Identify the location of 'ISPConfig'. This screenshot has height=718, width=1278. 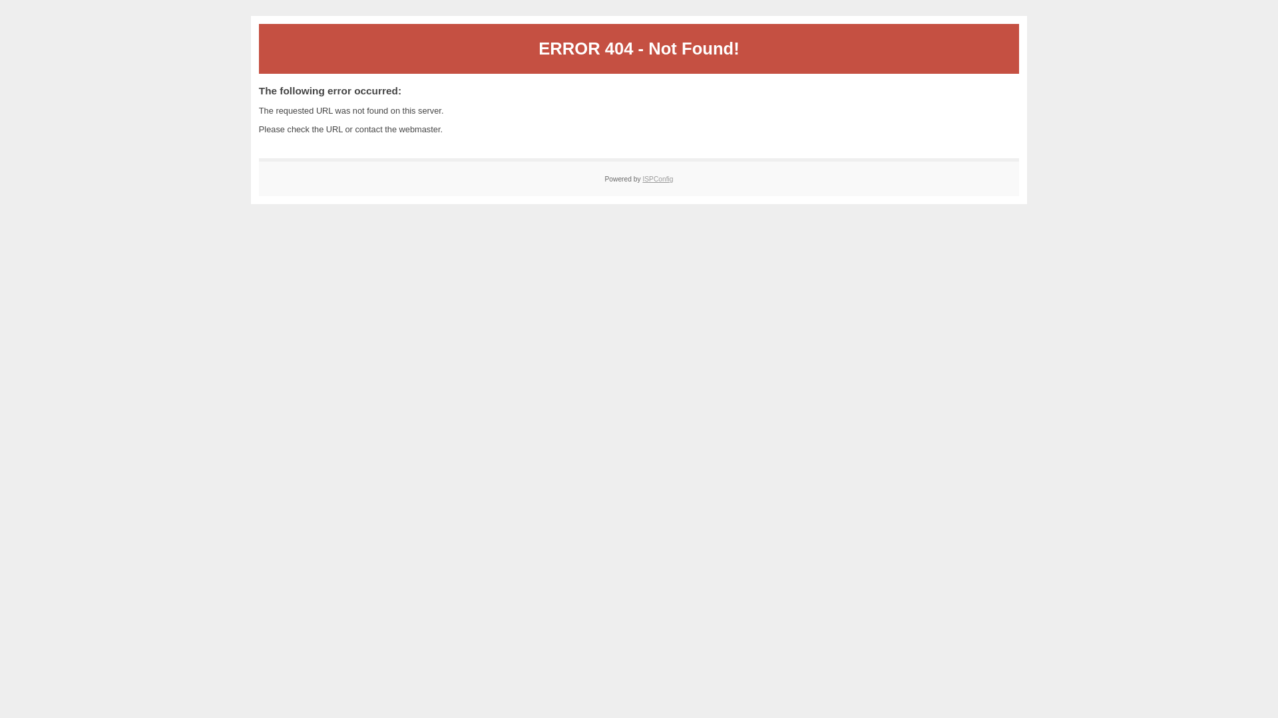
(658, 178).